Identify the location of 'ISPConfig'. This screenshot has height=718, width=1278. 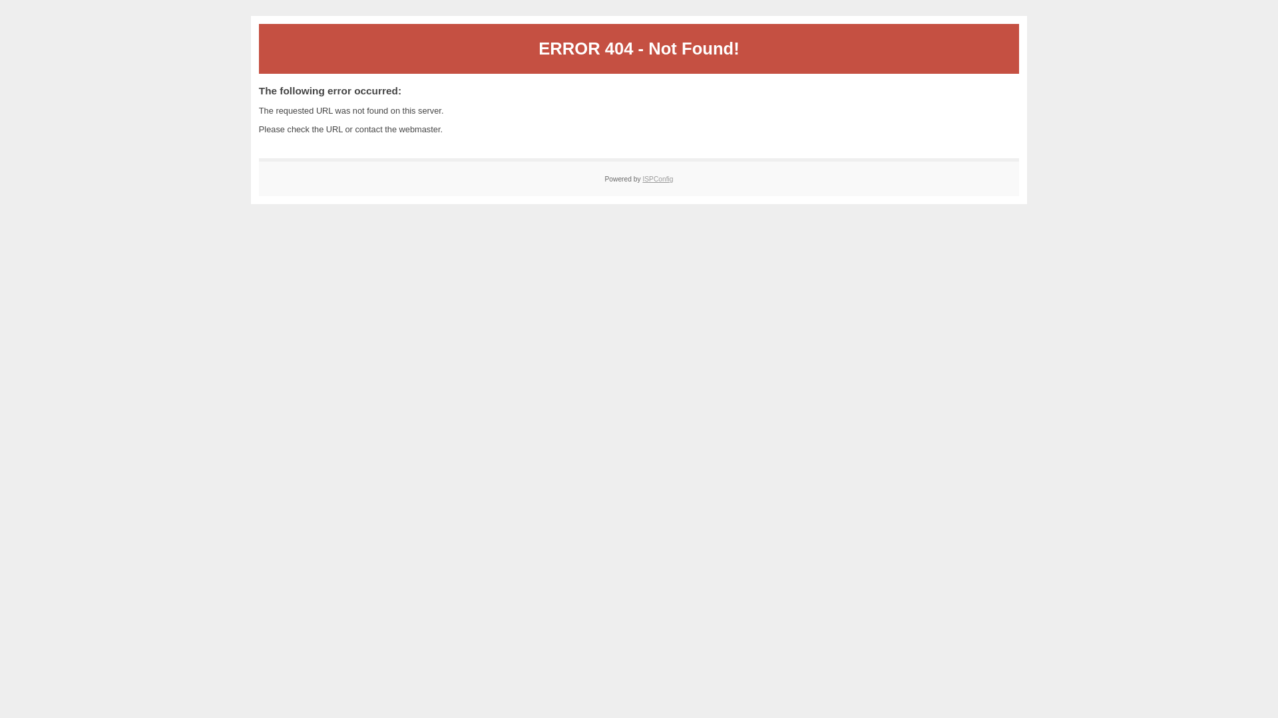
(658, 178).